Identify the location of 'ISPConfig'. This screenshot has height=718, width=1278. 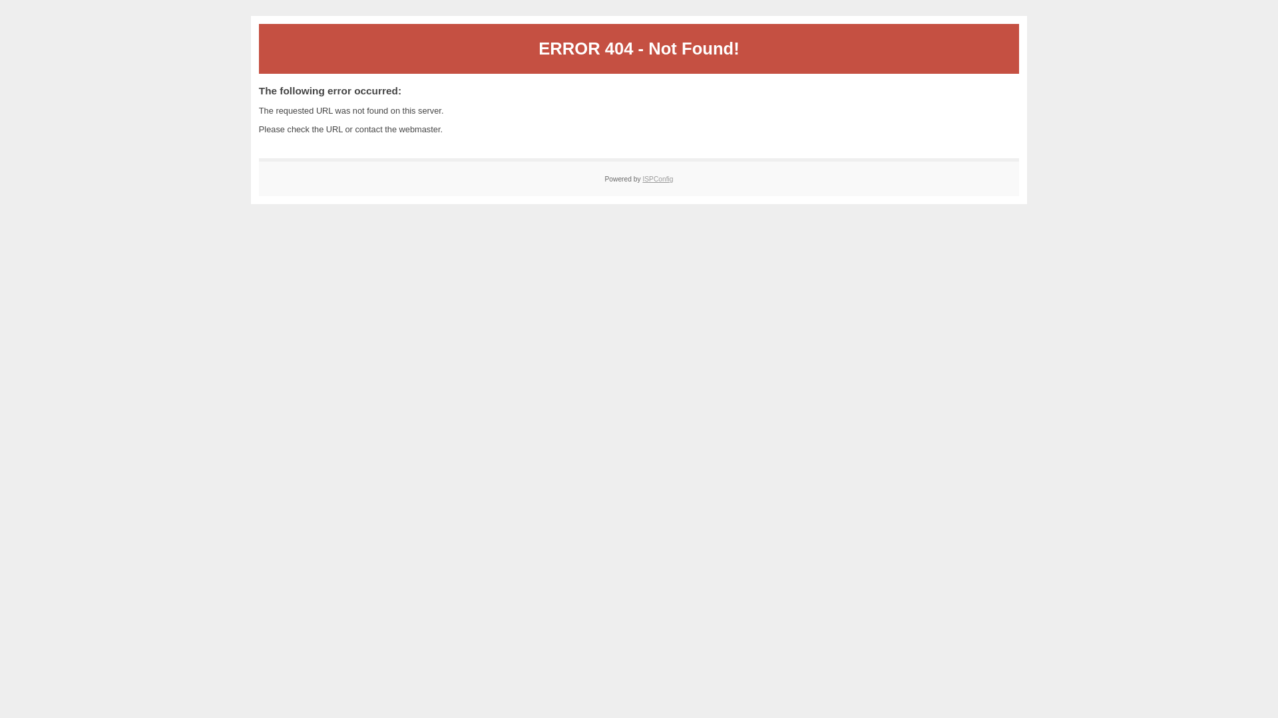
(658, 178).